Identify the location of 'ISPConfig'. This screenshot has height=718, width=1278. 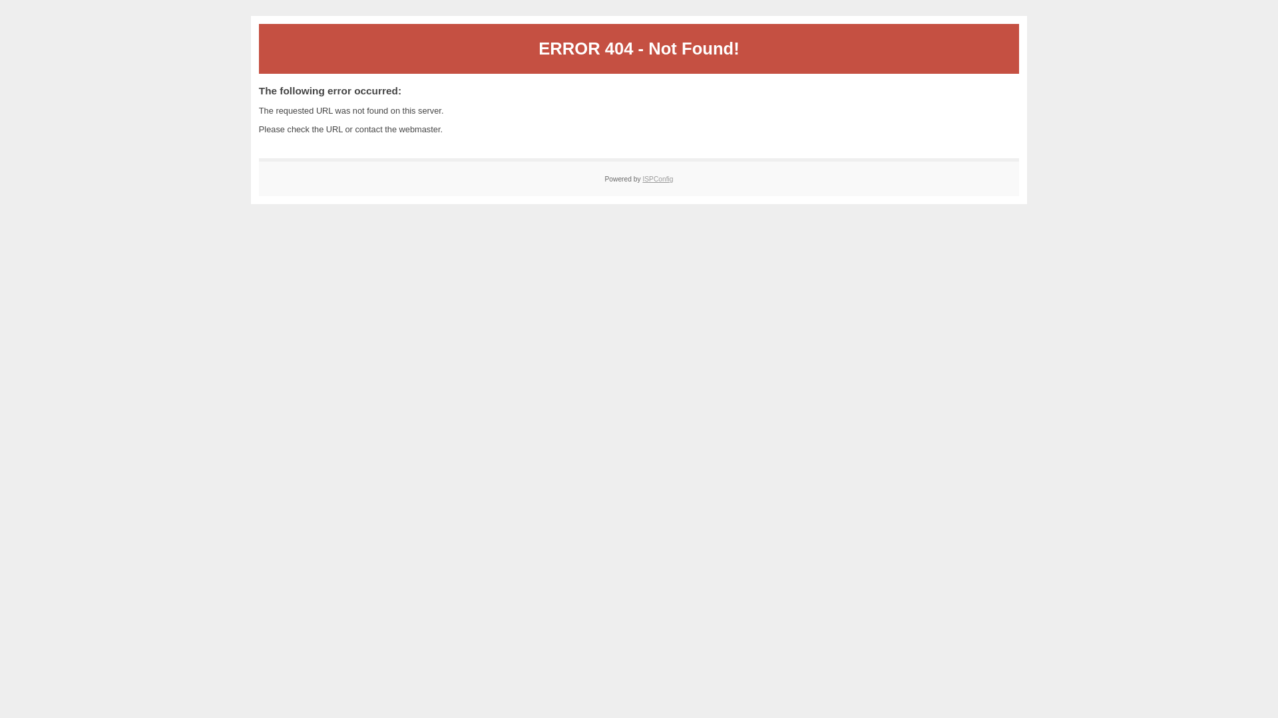
(658, 178).